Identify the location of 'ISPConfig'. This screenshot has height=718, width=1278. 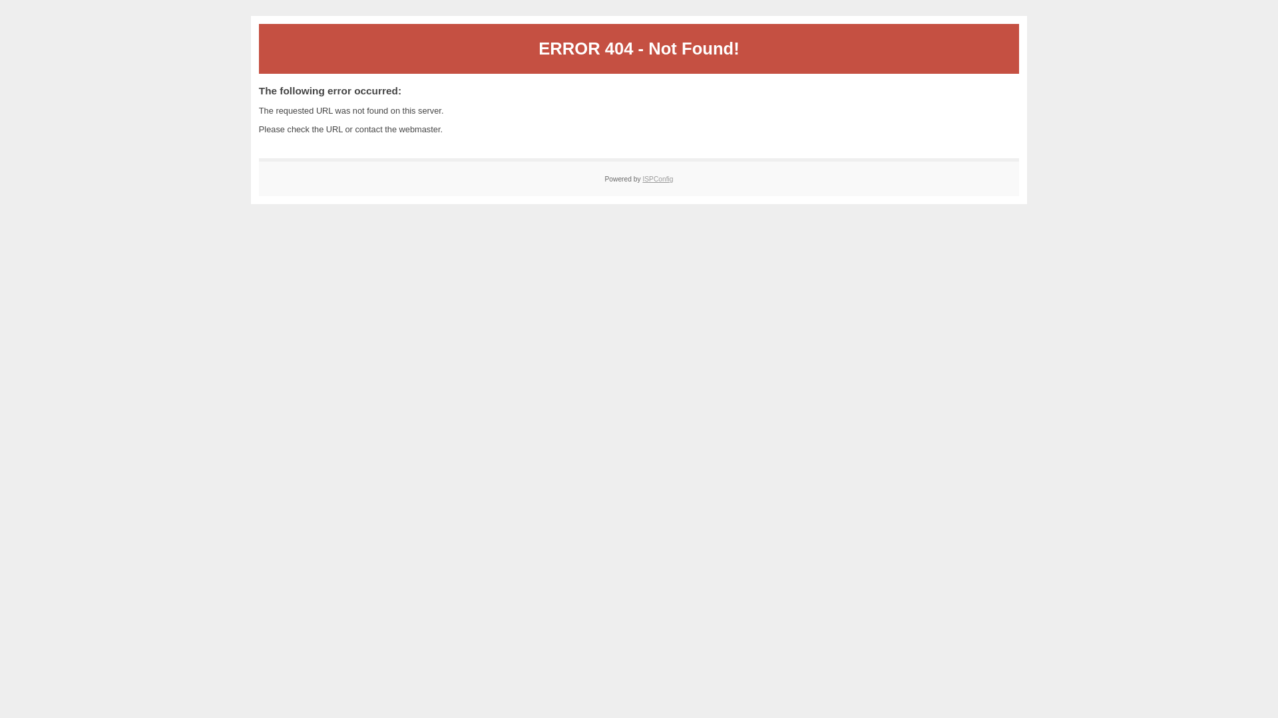
(658, 178).